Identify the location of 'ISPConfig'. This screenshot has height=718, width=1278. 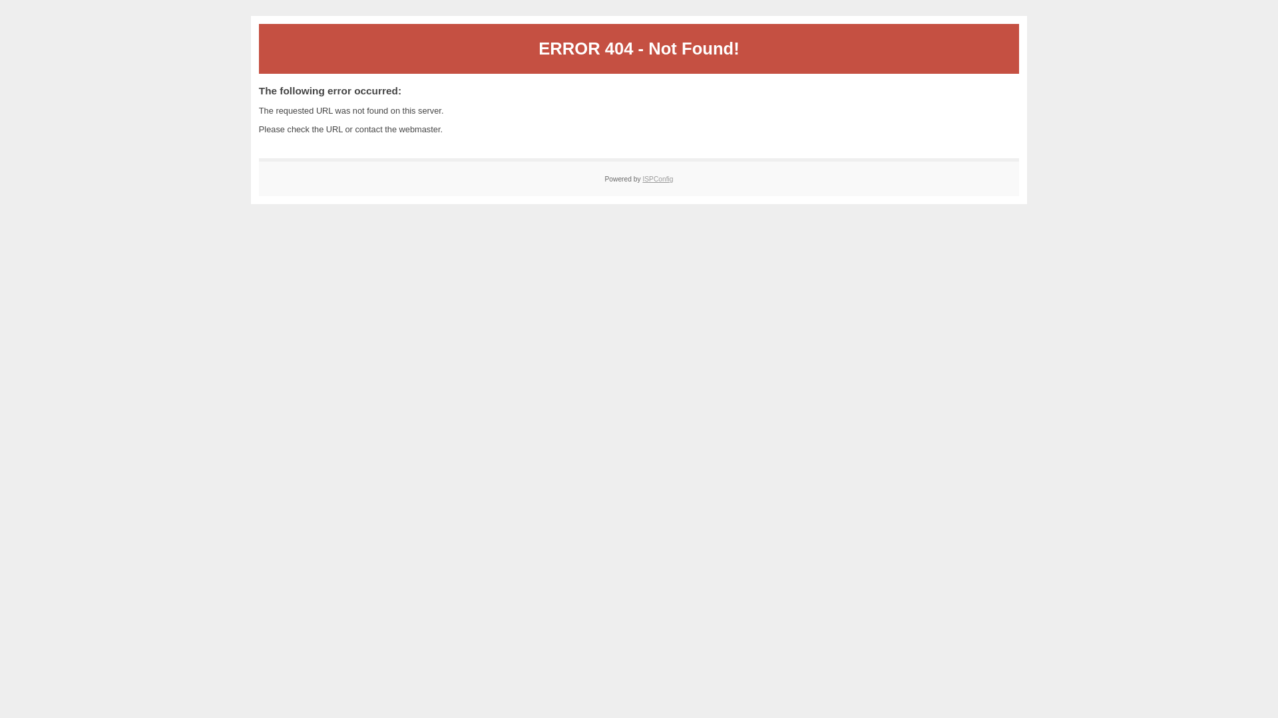
(658, 178).